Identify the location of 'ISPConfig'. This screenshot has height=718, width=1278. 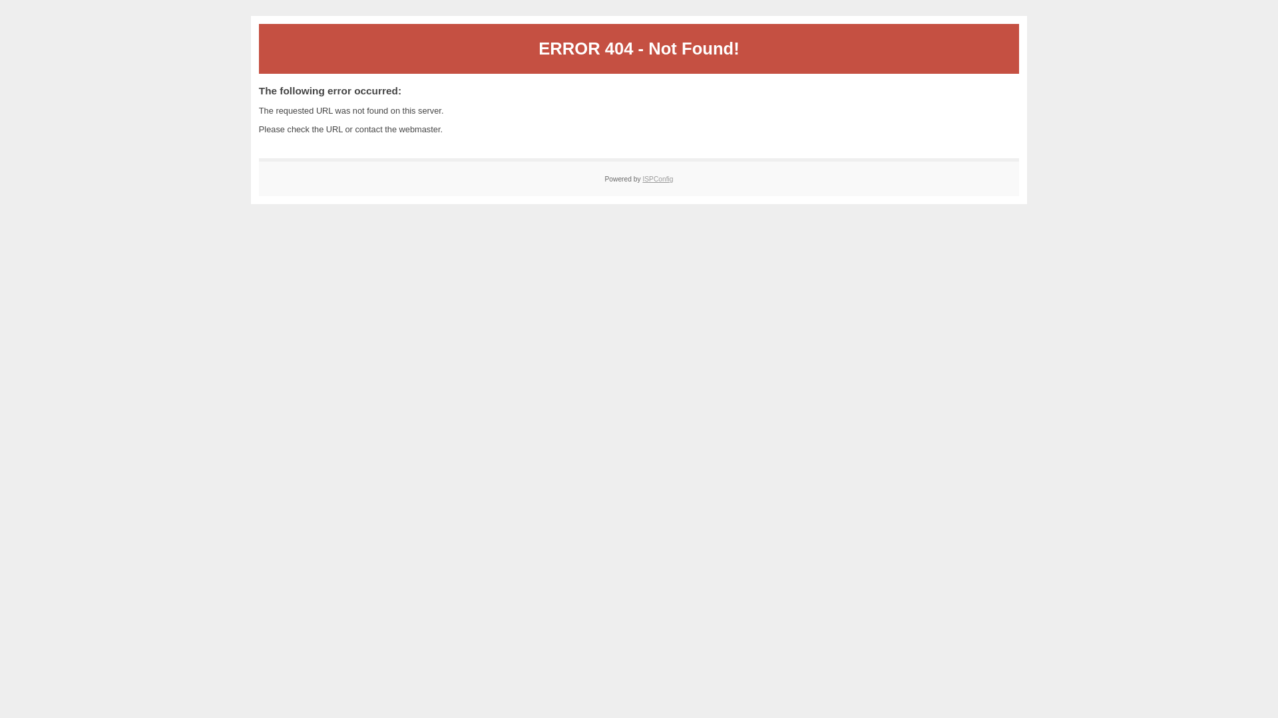
(658, 178).